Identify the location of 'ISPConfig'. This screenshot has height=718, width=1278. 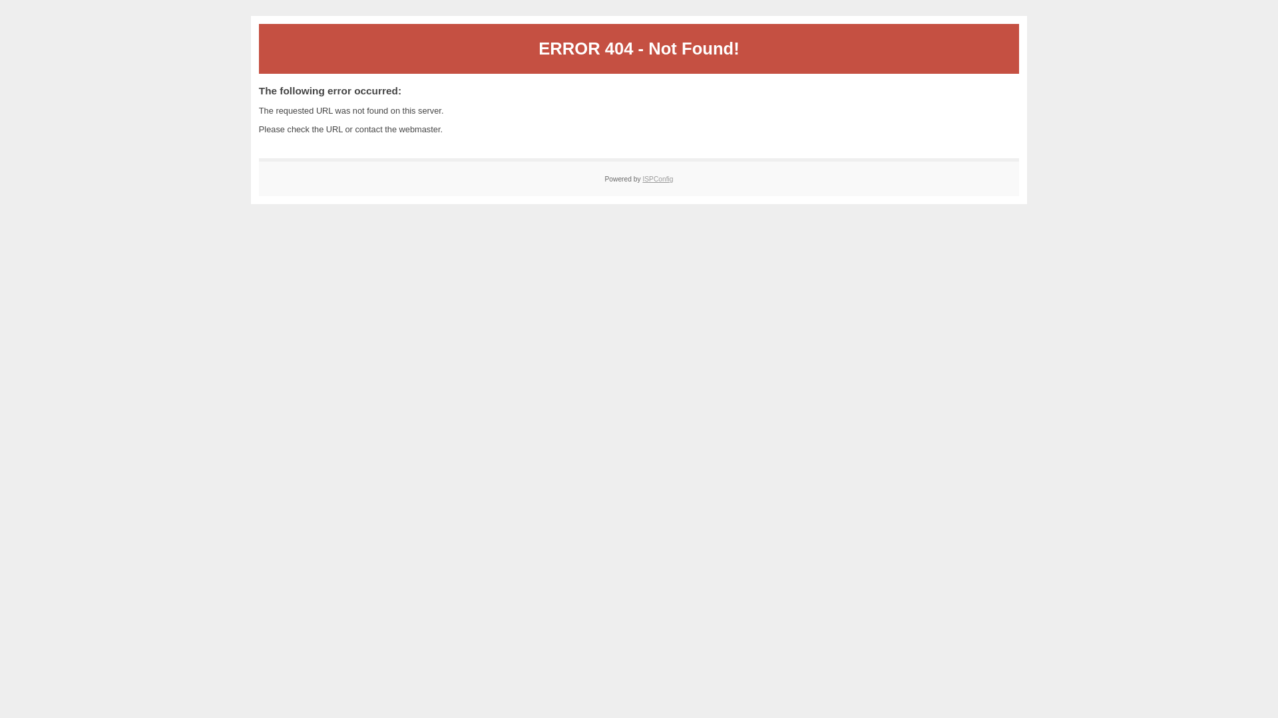
(658, 178).